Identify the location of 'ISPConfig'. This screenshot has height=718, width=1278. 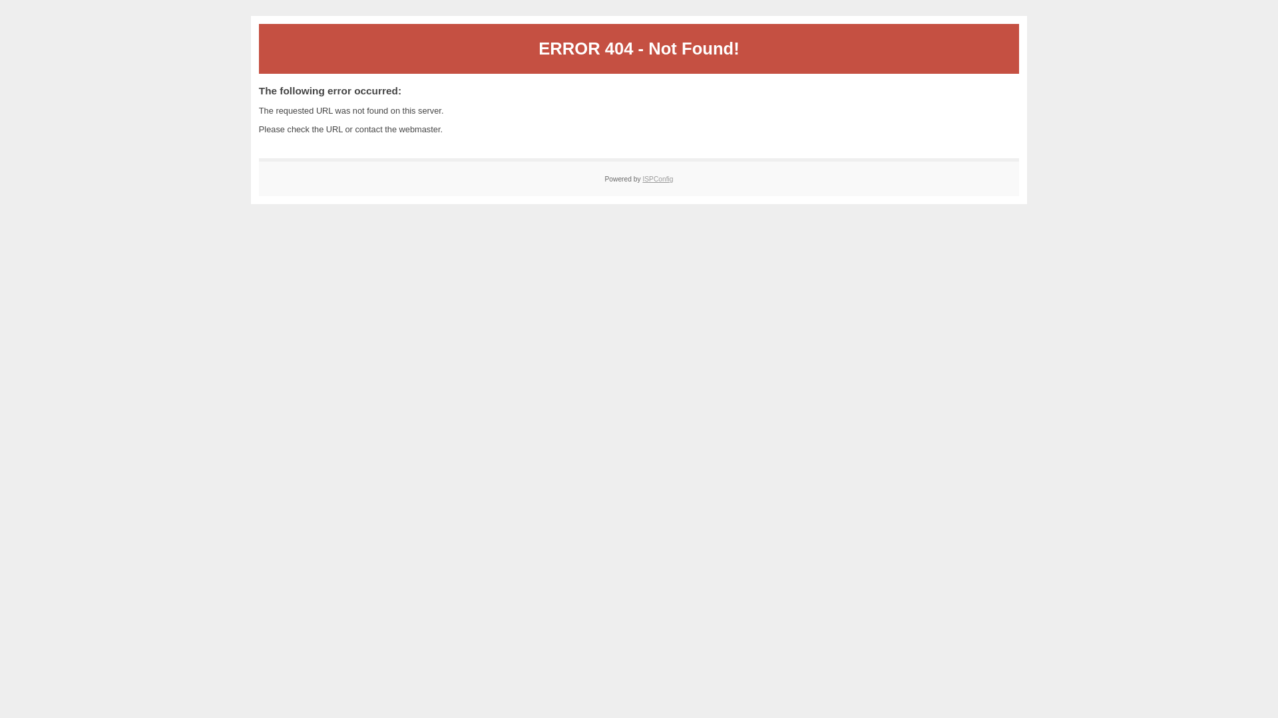
(658, 178).